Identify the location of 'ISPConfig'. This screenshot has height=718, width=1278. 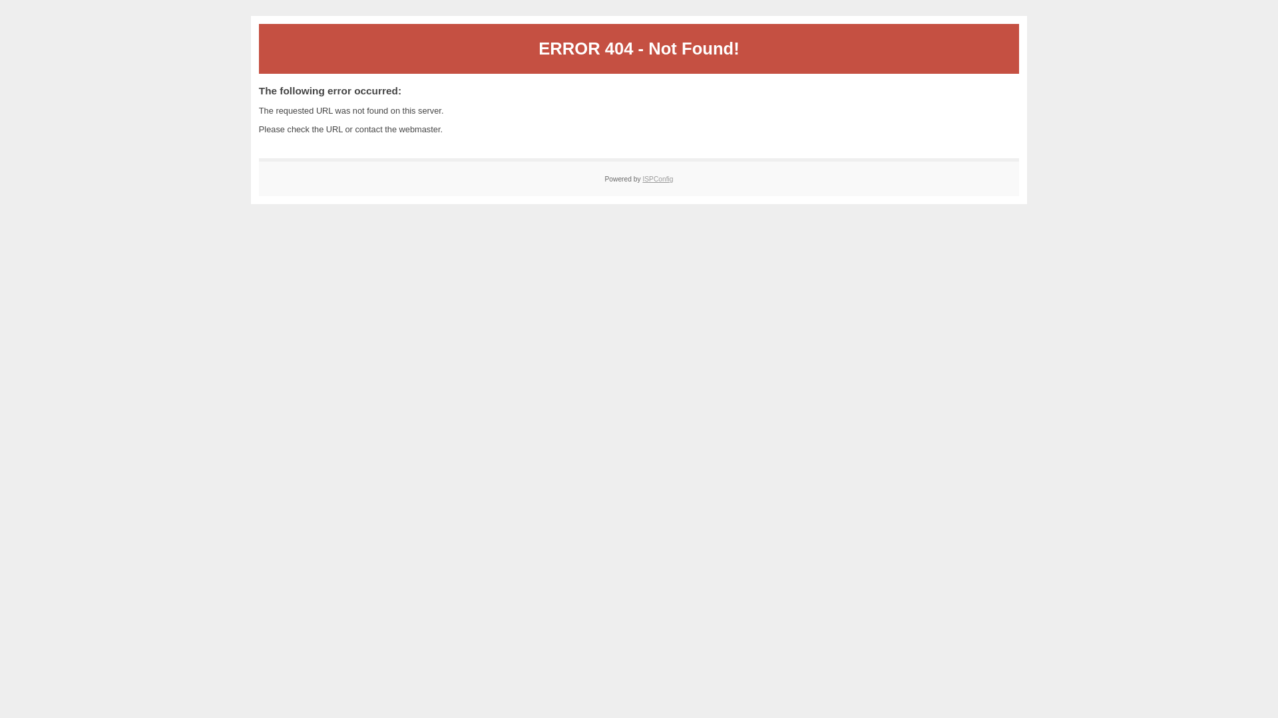
(658, 178).